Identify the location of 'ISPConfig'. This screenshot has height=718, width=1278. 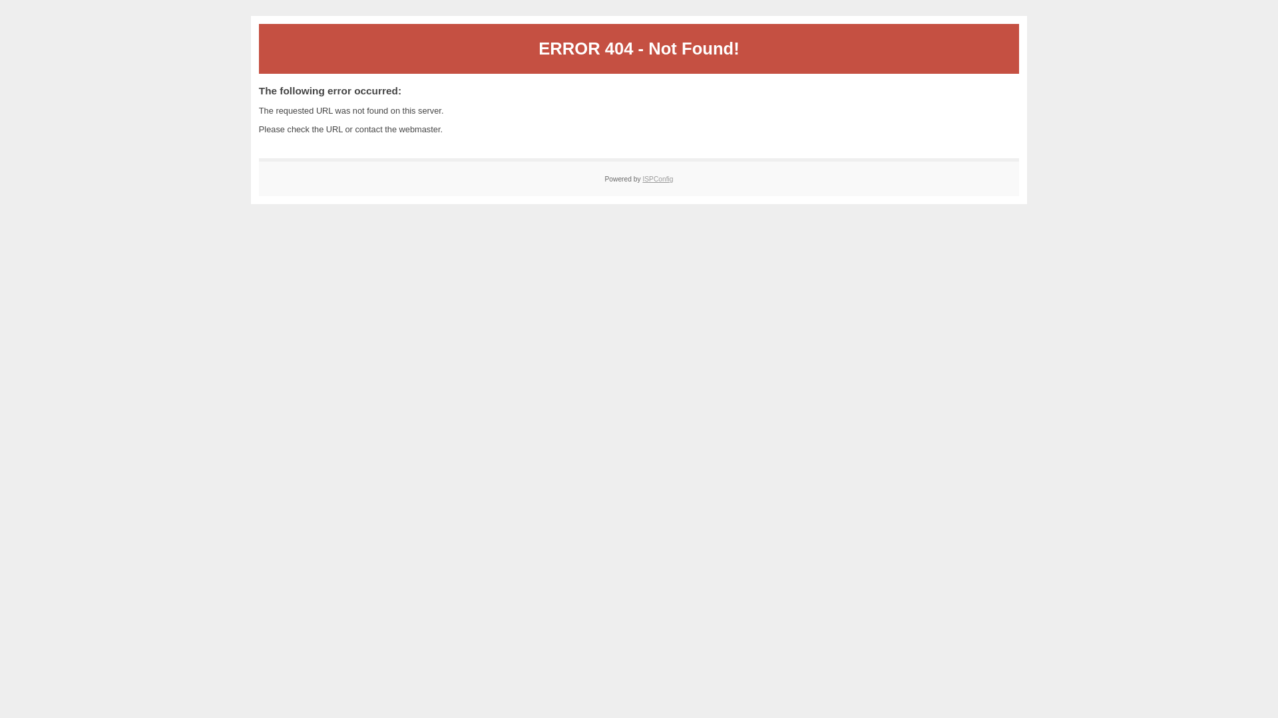
(658, 178).